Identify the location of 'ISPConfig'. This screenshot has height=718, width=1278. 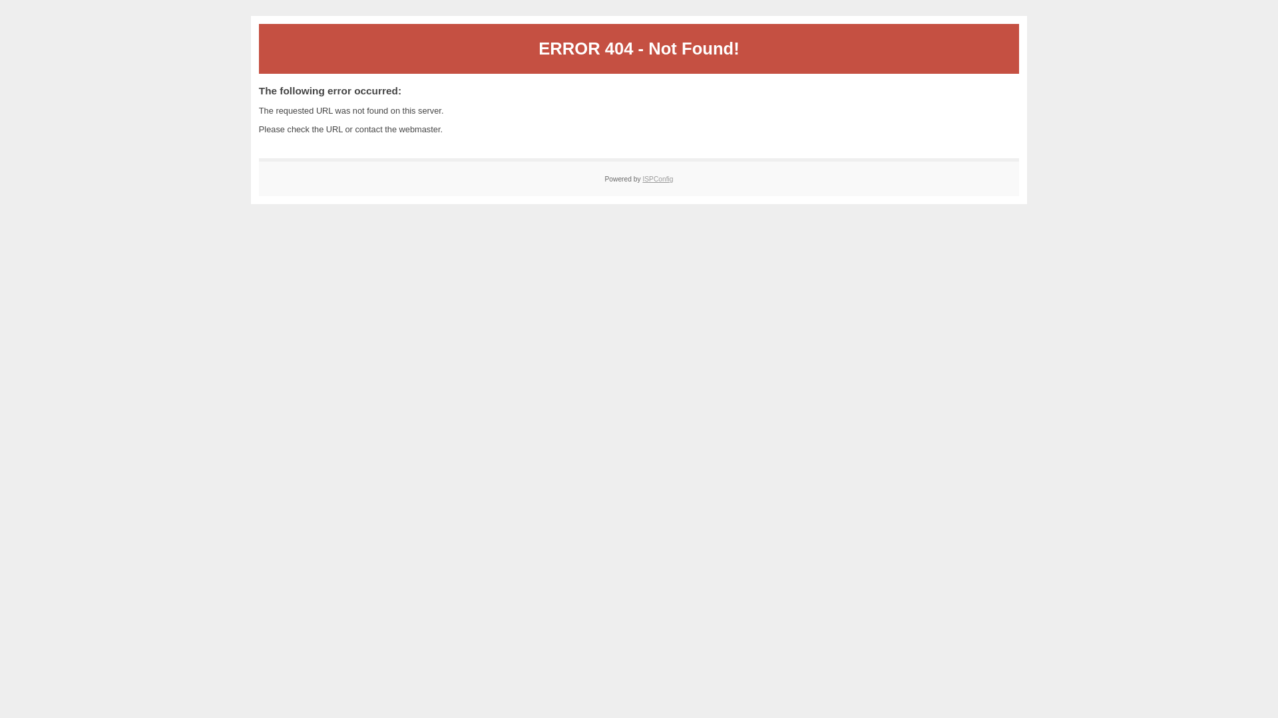
(658, 178).